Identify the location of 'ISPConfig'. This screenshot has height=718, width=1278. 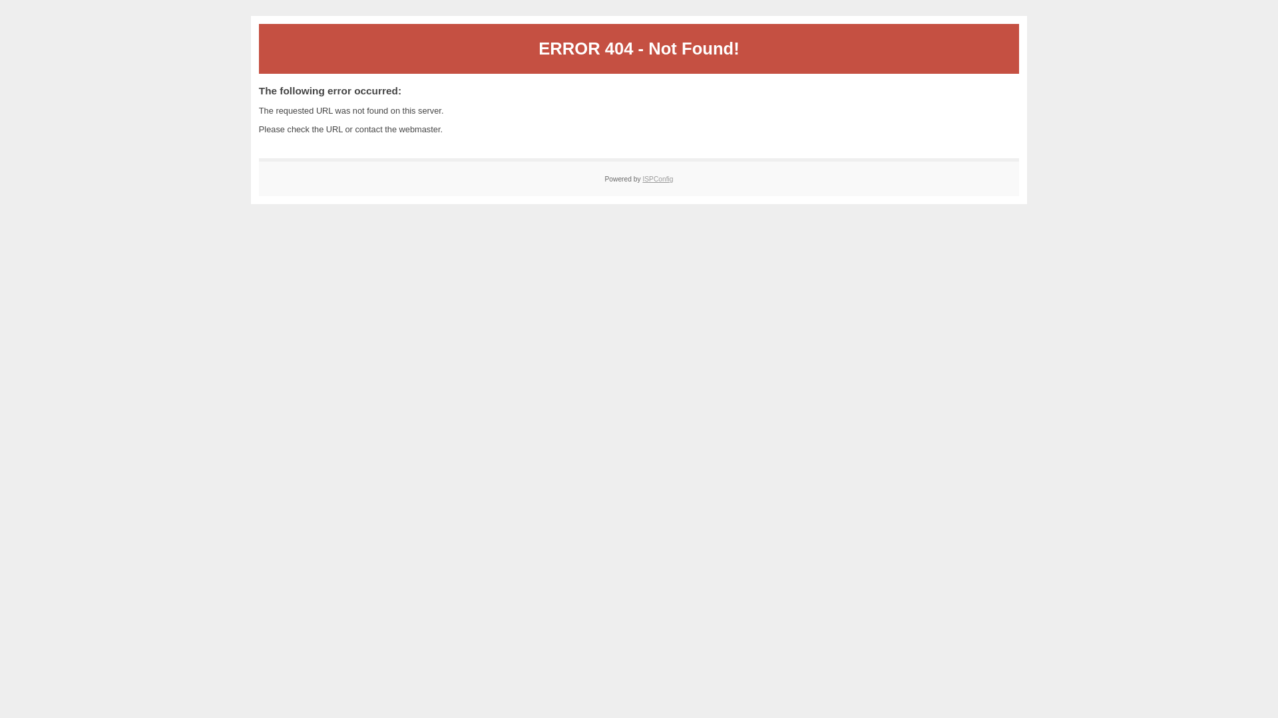
(658, 178).